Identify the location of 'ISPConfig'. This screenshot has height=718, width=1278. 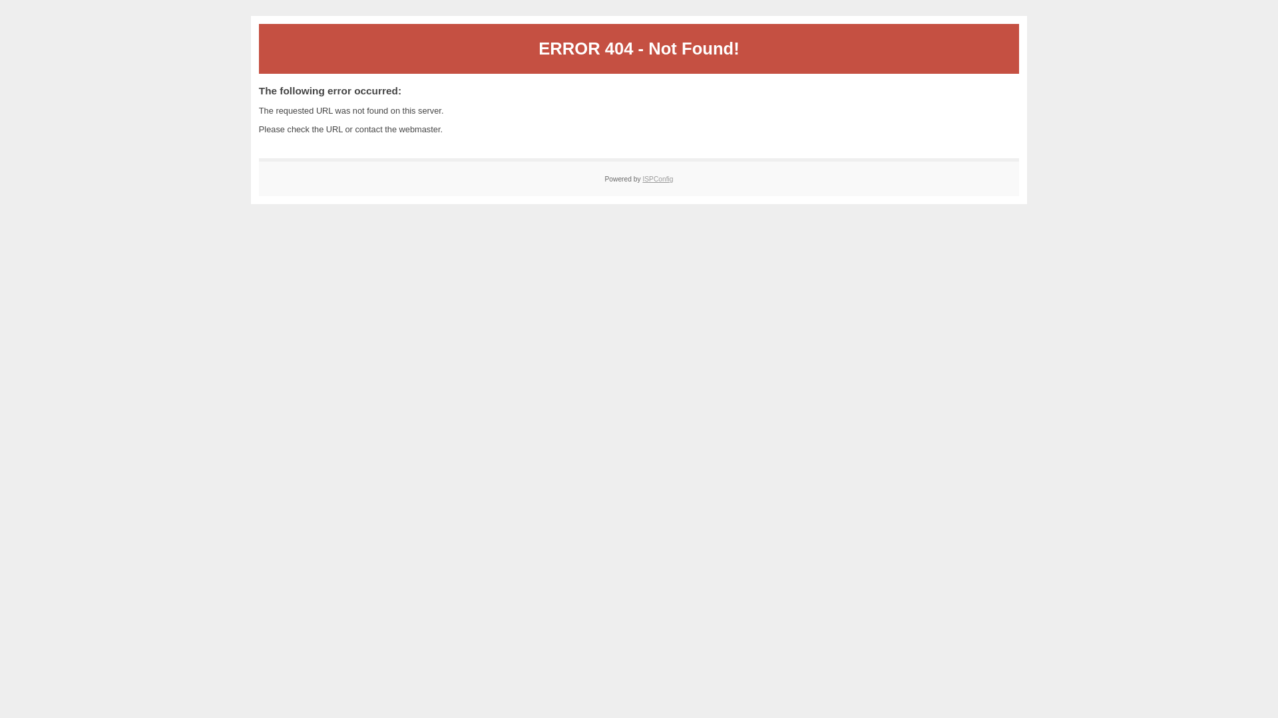
(658, 178).